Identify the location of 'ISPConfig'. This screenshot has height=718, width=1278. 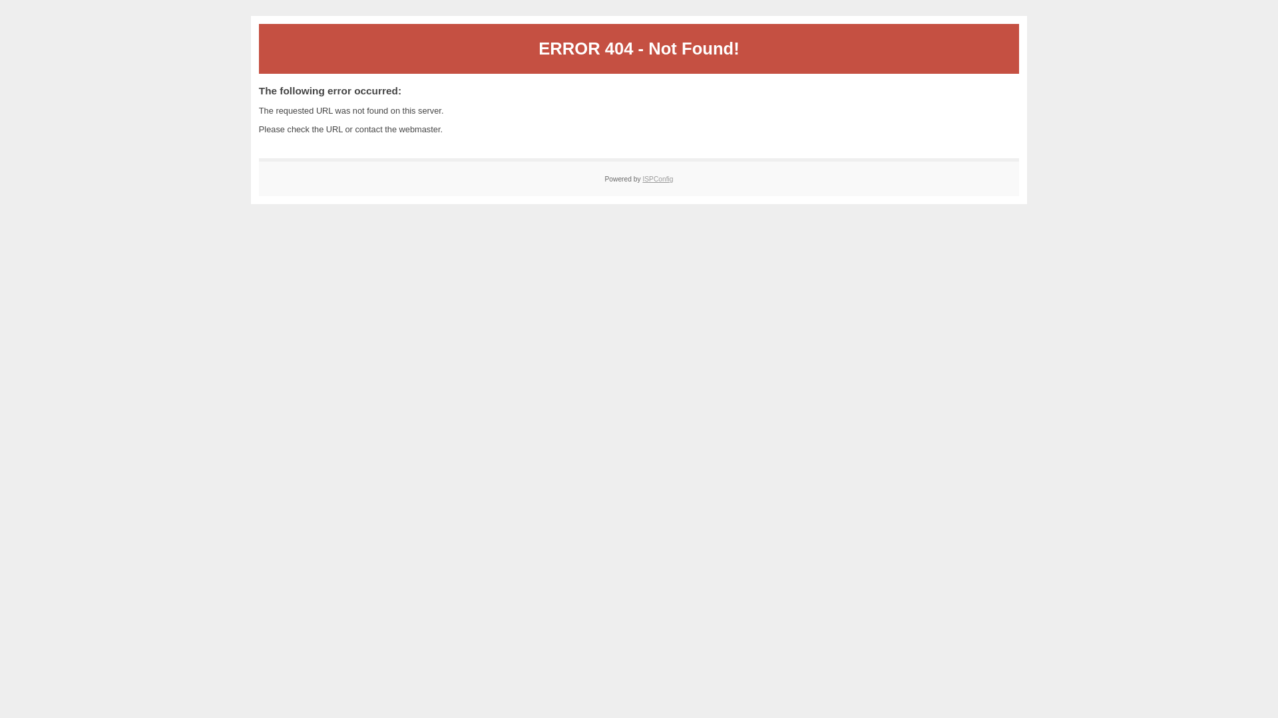
(658, 178).